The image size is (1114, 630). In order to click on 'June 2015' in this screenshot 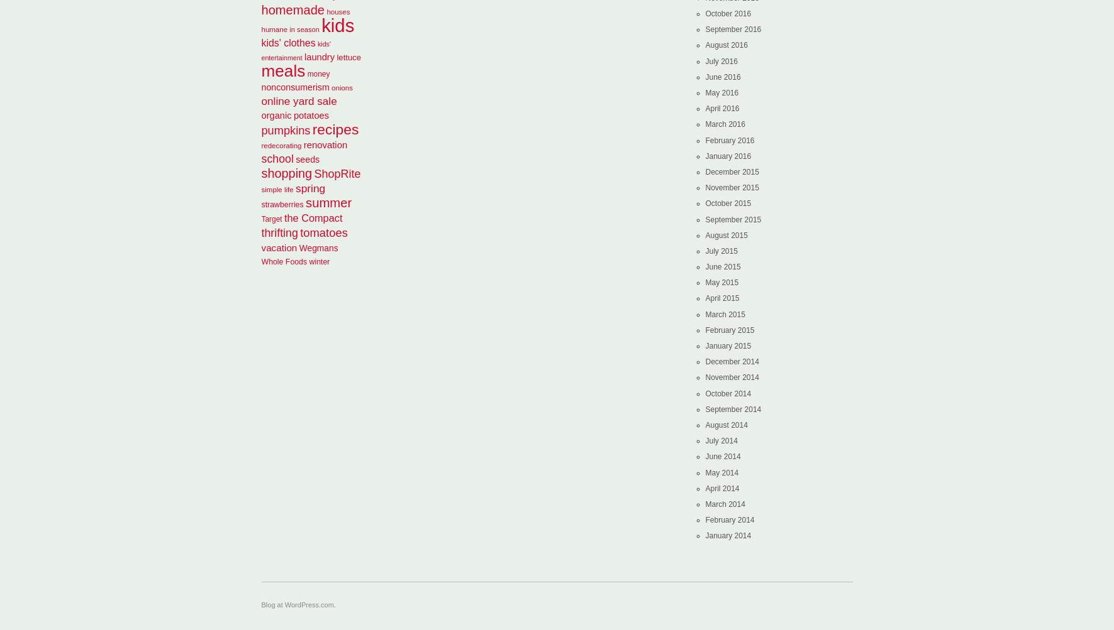, I will do `click(705, 266)`.